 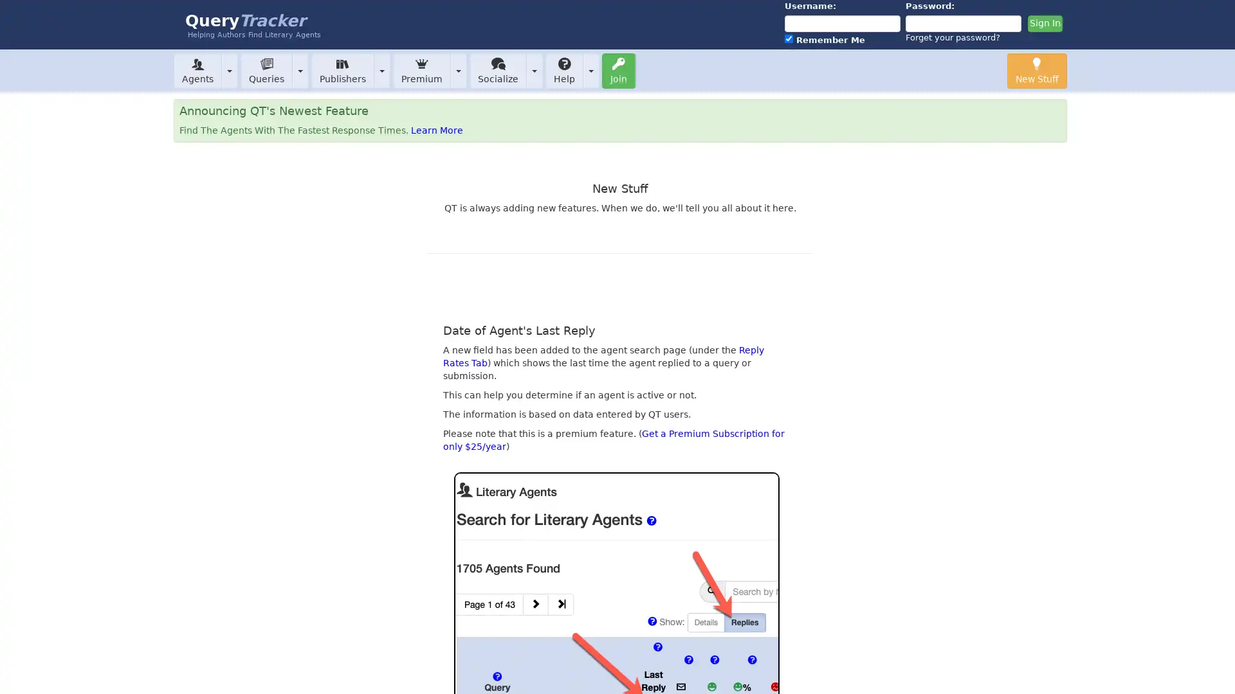 I want to click on Toggle Dropdown, so click(x=229, y=70).